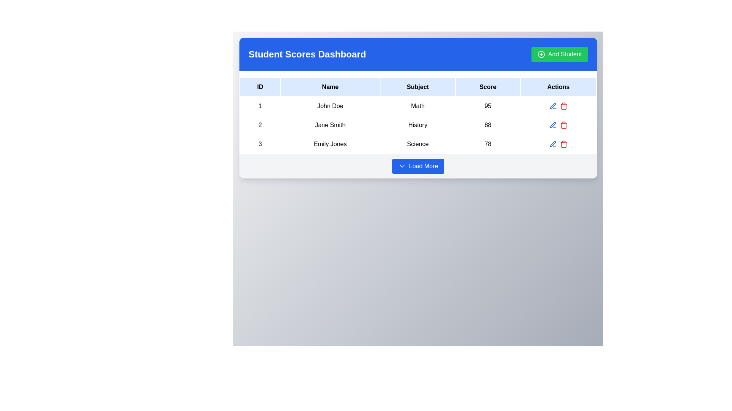 This screenshot has width=732, height=411. I want to click on the table cell displaying the numeral '3' in the first column of the last row, styled with black text on a white background, so click(260, 144).